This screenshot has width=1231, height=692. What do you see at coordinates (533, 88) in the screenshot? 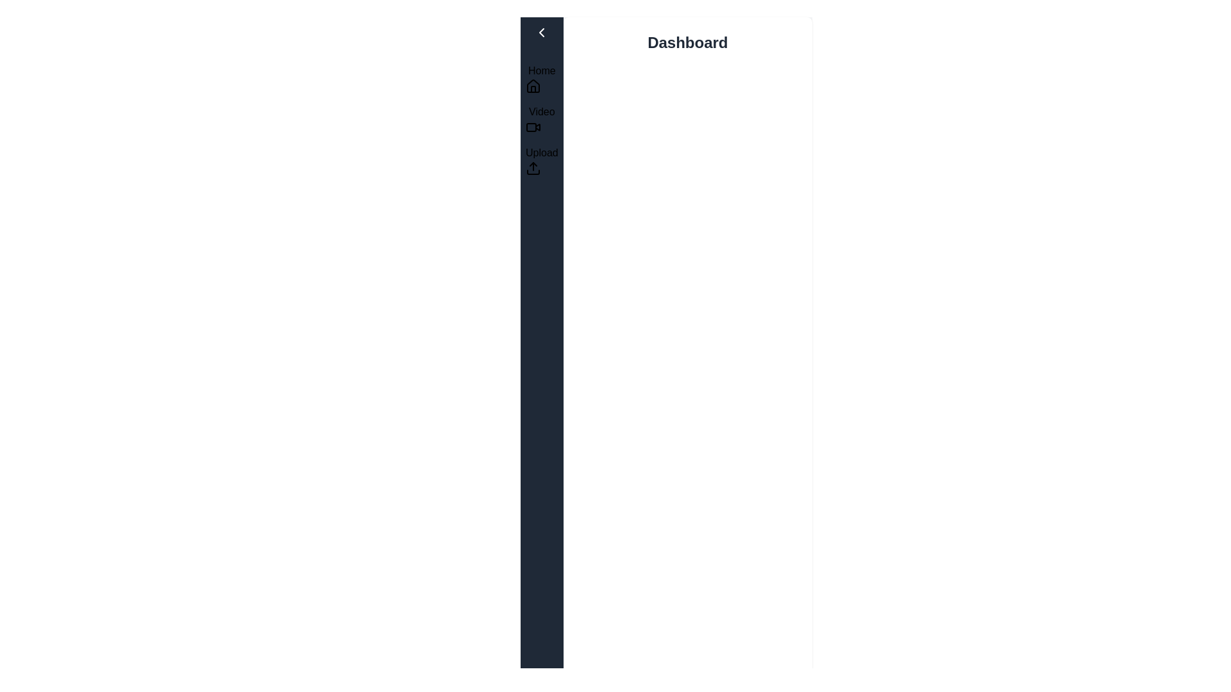
I see `the 'Home' icon segment located in the left navigation bar, which indicates the dashboard or main page option` at bounding box center [533, 88].